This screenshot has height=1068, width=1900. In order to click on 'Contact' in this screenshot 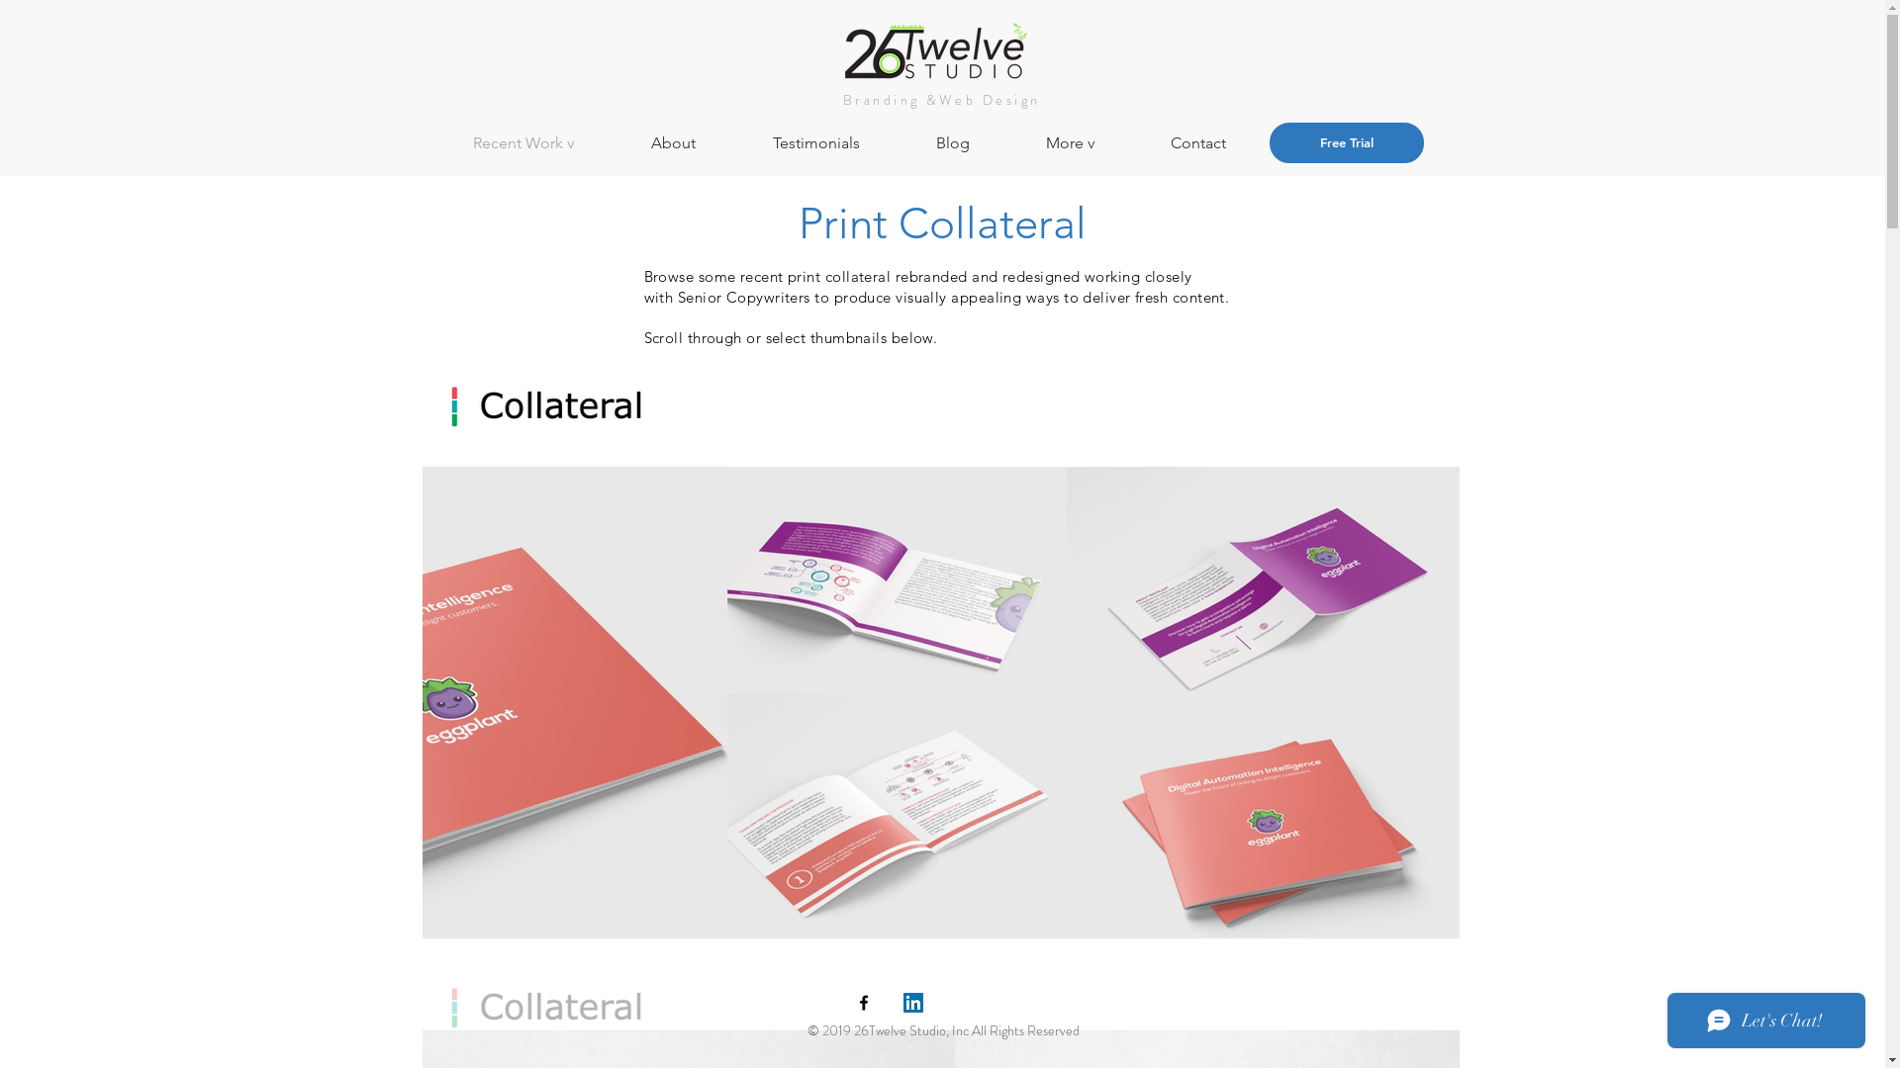, I will do `click(1220, 141)`.